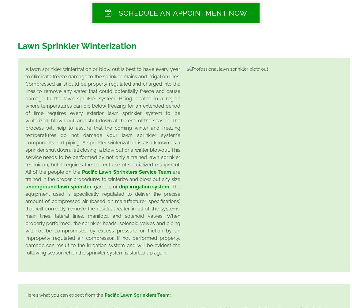  What do you see at coordinates (137, 295) in the screenshot?
I see `'Pacific Lawn Sprinklers Team:'` at bounding box center [137, 295].